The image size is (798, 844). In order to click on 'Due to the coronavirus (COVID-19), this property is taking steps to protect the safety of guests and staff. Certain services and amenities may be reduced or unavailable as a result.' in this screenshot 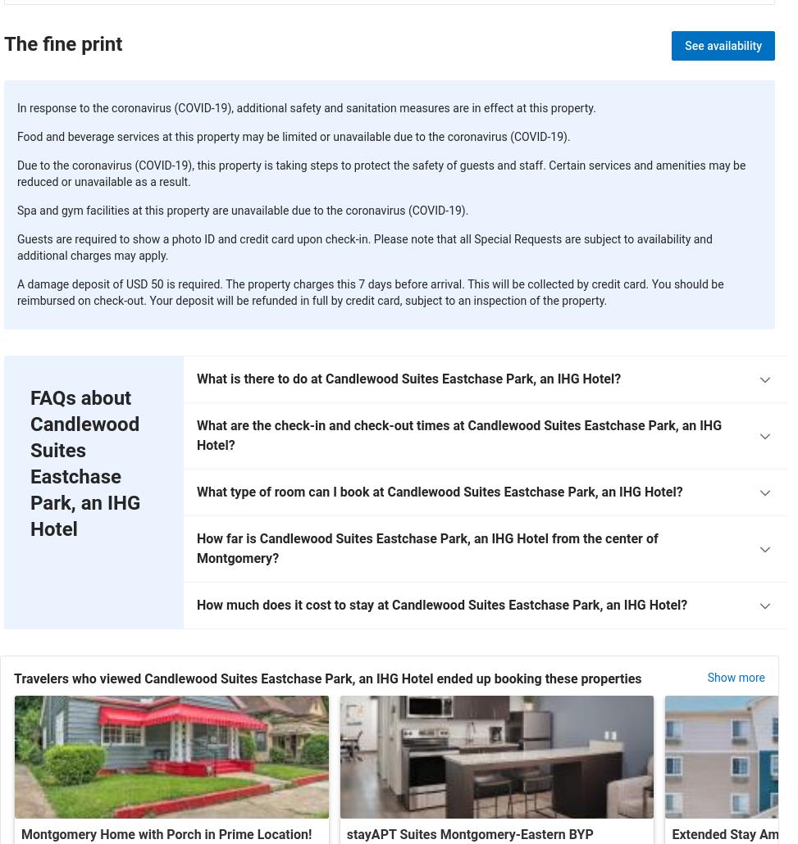, I will do `click(17, 173)`.